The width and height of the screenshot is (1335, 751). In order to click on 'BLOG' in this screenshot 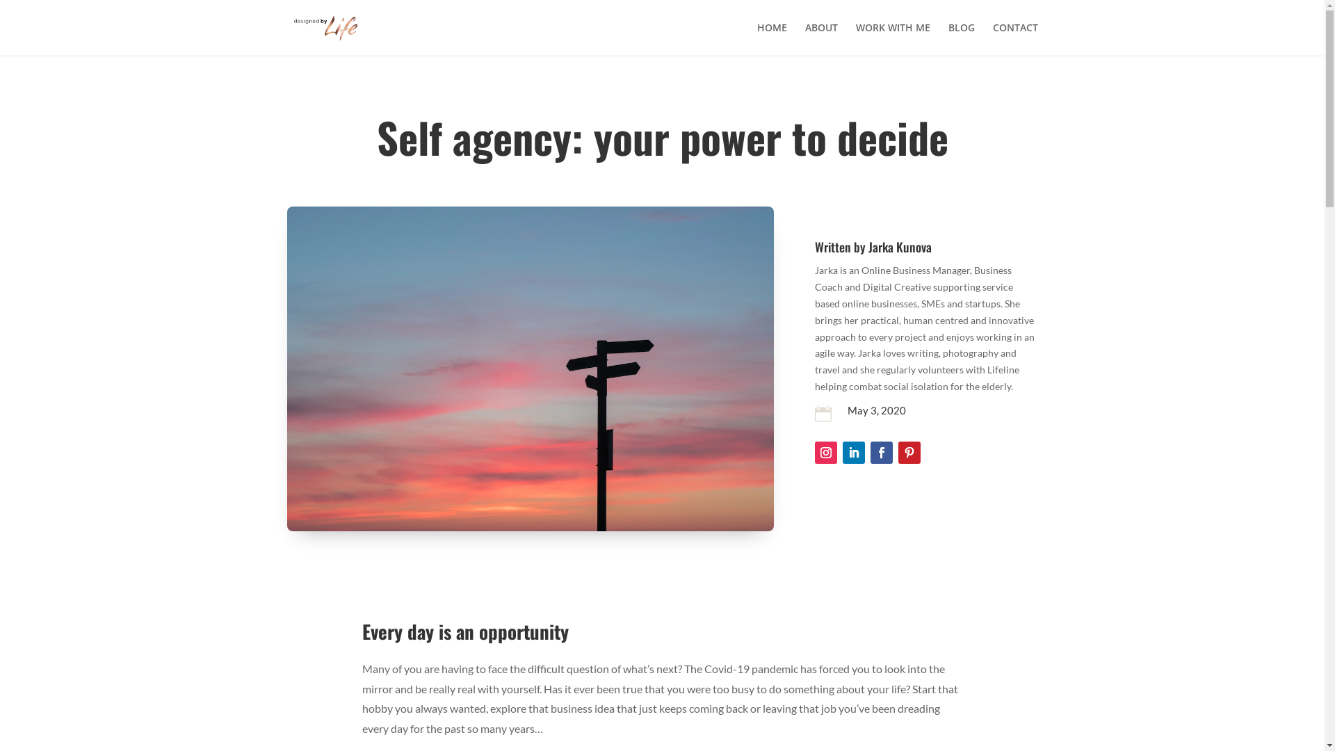, I will do `click(947, 38)`.